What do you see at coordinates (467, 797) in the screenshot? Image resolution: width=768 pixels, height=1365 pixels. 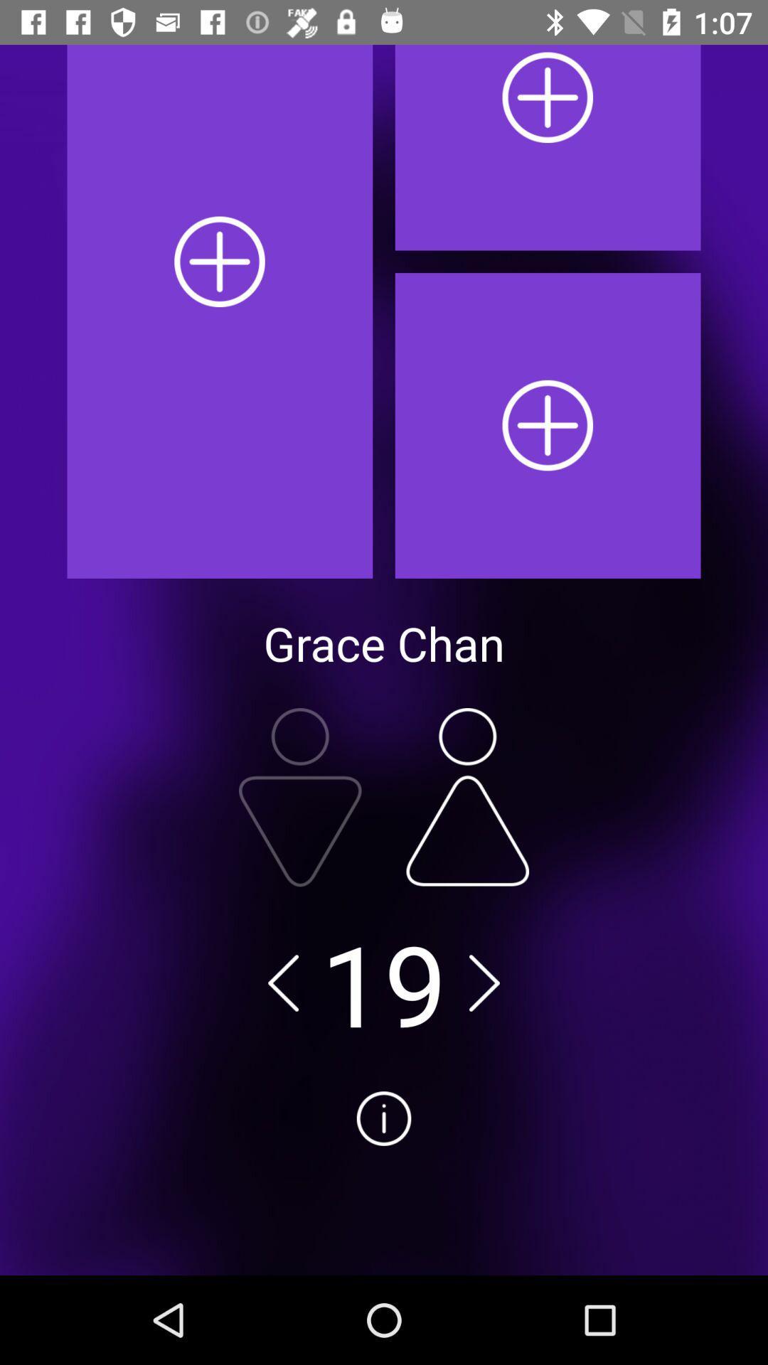 I see `female` at bounding box center [467, 797].